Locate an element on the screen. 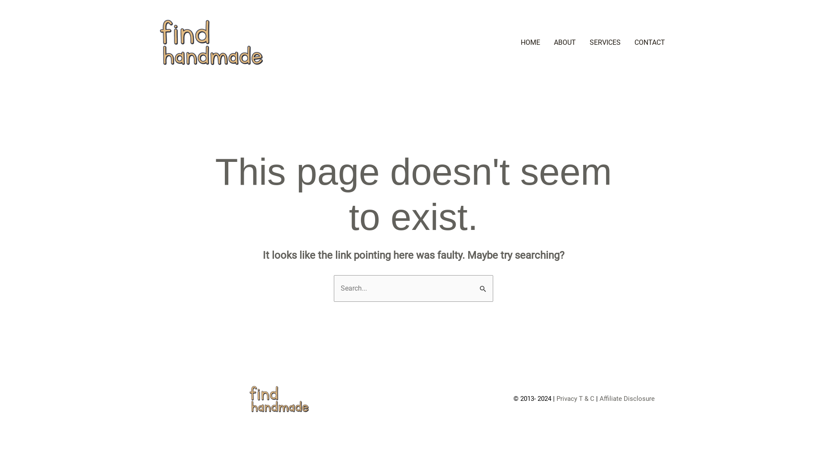  'Privacy T & C' is located at coordinates (575, 398).